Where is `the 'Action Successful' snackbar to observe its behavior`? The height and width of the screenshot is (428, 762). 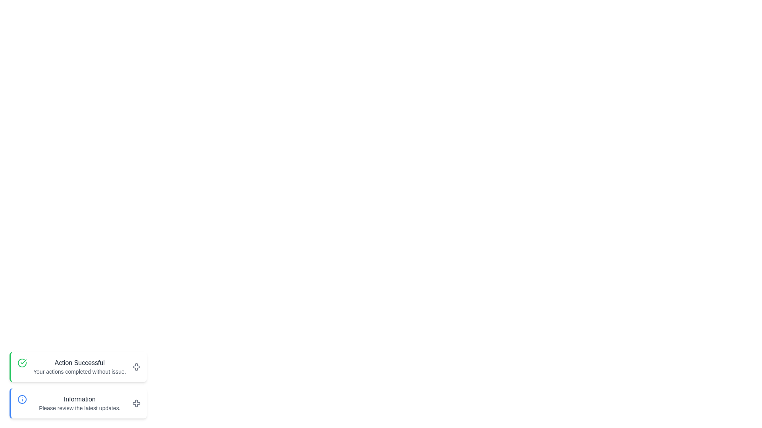 the 'Action Successful' snackbar to observe its behavior is located at coordinates (78, 367).